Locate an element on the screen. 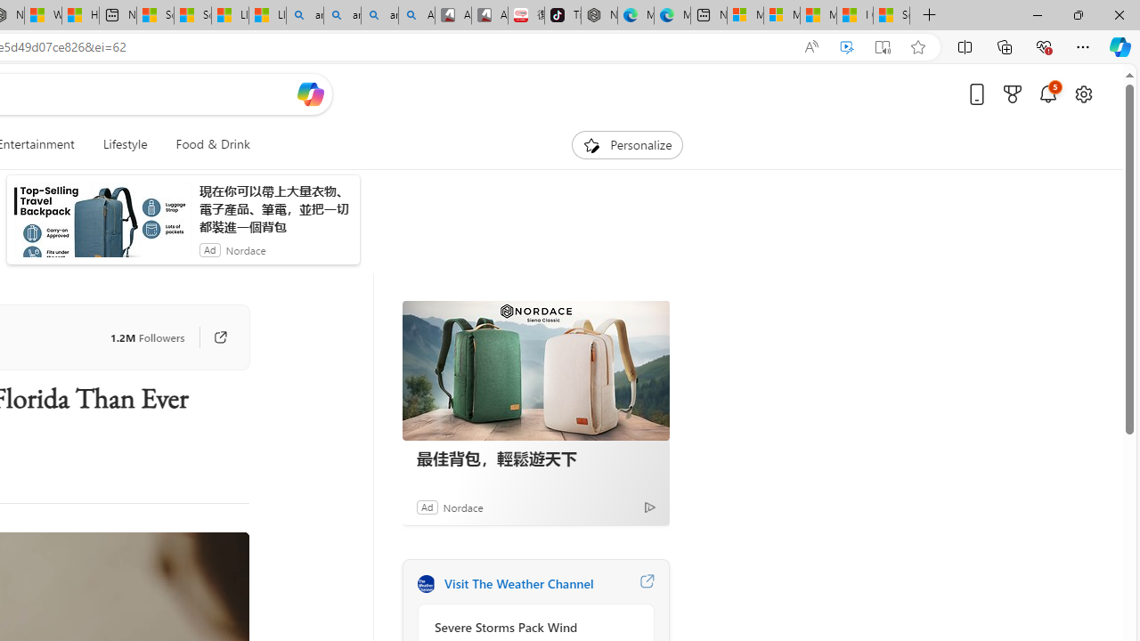 The height and width of the screenshot is (641, 1140). 'Settings and more (Alt+F)' is located at coordinates (1082, 45).